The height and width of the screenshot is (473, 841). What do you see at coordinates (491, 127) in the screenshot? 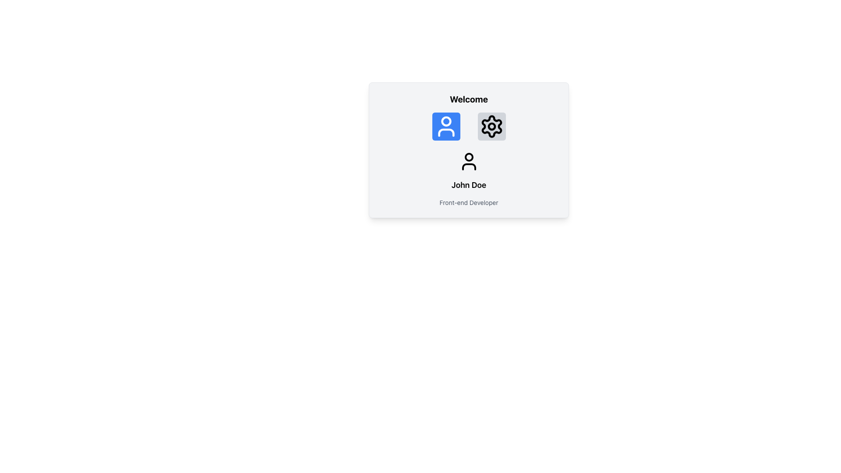
I see `the gear icon located in the top-center of the card` at bounding box center [491, 127].